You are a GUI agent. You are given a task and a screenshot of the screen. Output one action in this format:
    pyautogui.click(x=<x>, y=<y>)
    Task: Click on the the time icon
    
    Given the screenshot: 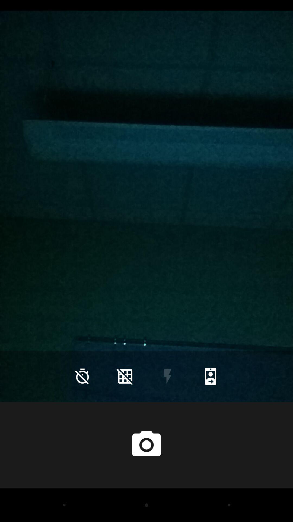 What is the action you would take?
    pyautogui.click(x=82, y=376)
    